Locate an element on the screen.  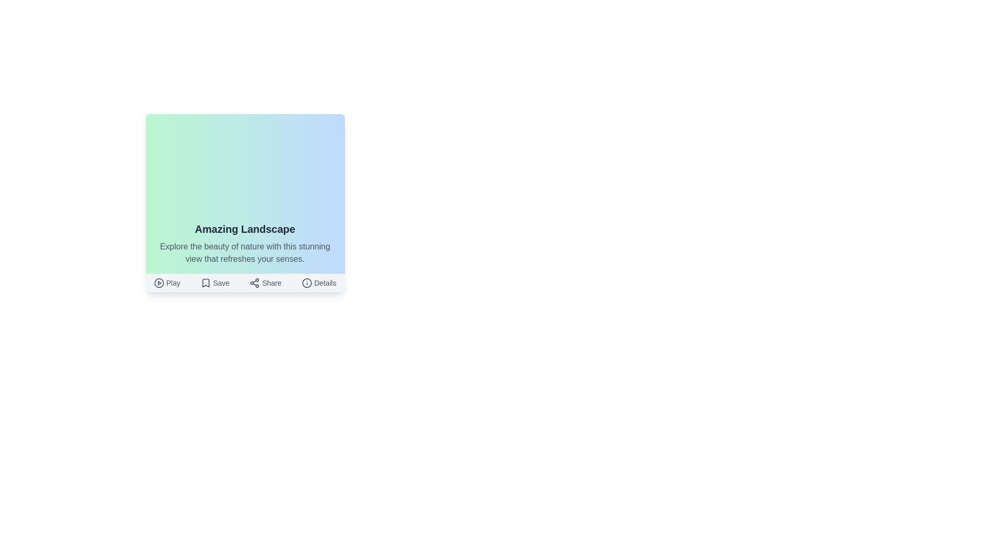
the text block containing the heading 'Amazing Landscape' and the descriptive paragraph about a picturesque scene is located at coordinates (244, 244).